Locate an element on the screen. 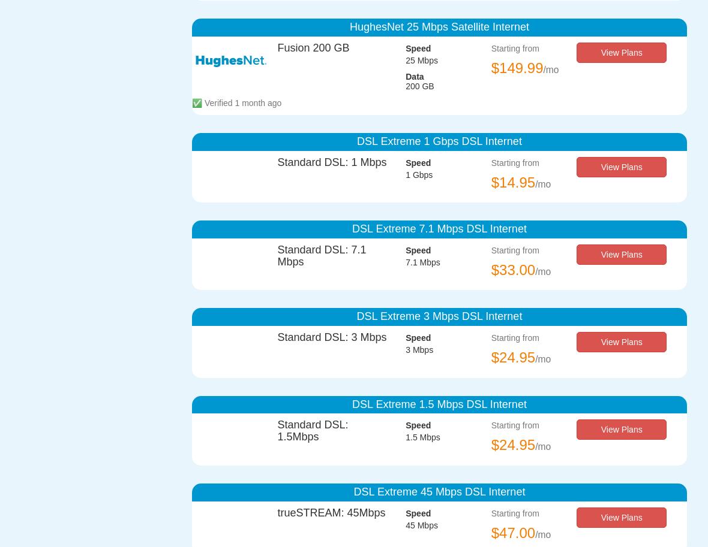 Image resolution: width=708 pixels, height=547 pixels. '7.1 Mbps' is located at coordinates (422, 262).